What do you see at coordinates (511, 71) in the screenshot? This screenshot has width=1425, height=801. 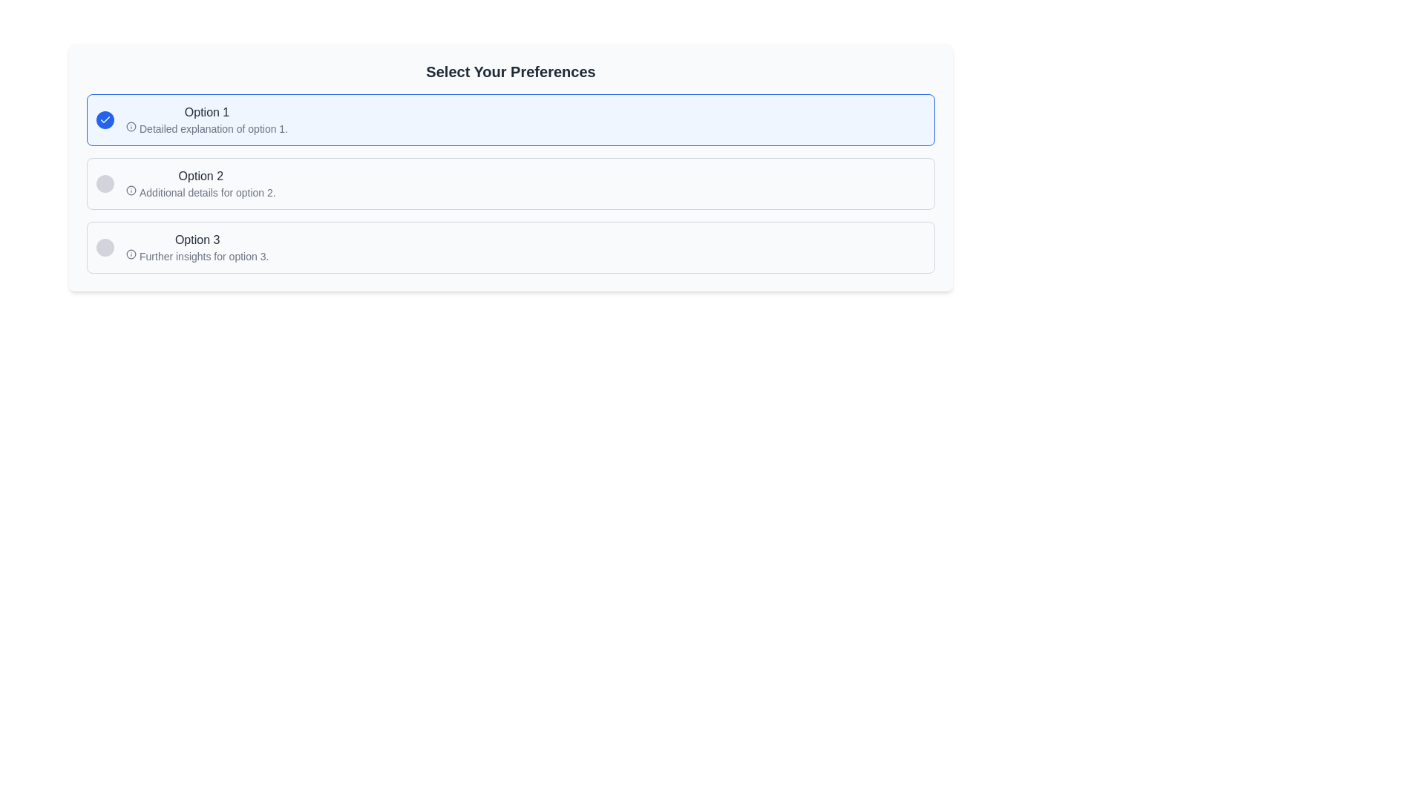 I see `the static text element that serves as a header or title, positioned above the options labeled 'Option 1', 'Option 2', and 'Option 3'` at bounding box center [511, 71].